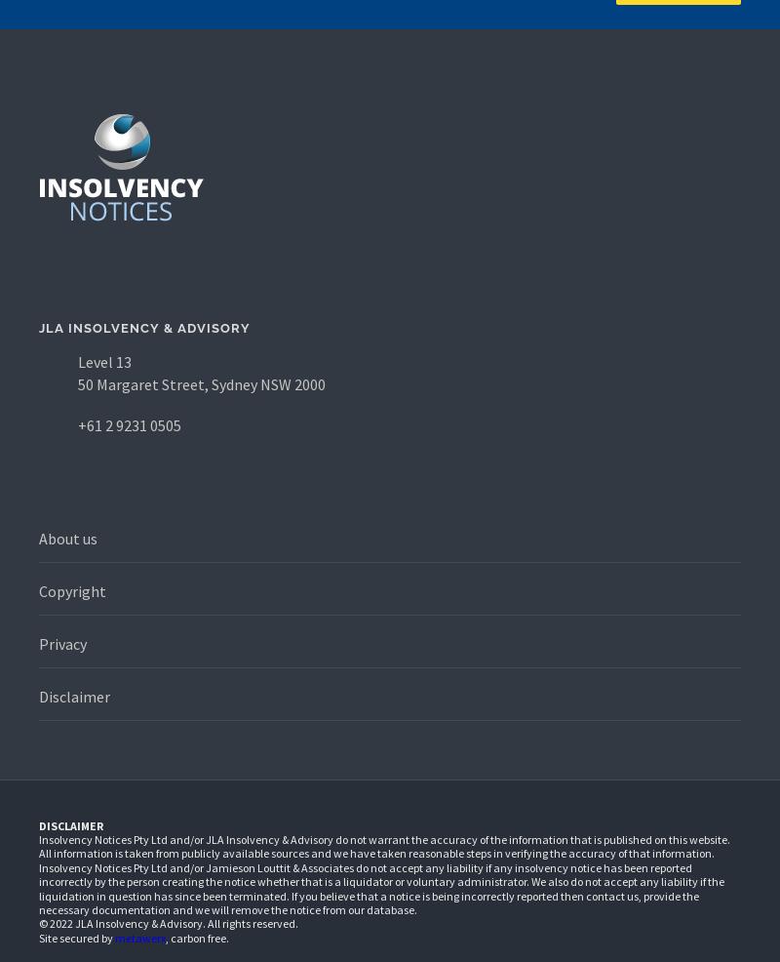 The height and width of the screenshot is (962, 780). I want to click on '+61 2 9231 0505', so click(129, 425).